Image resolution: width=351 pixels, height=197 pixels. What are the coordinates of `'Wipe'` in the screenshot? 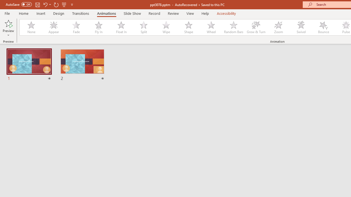 It's located at (166, 27).